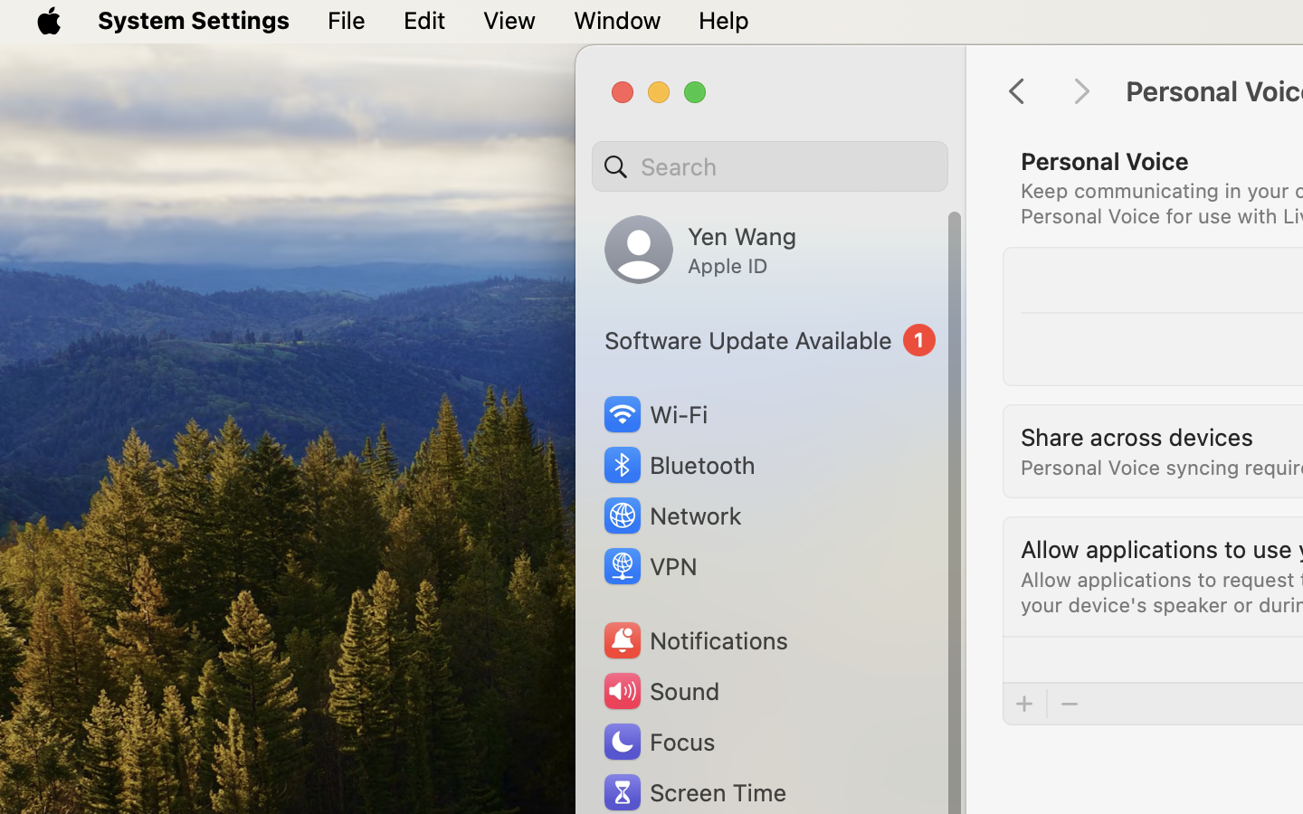 The image size is (1303, 814). What do you see at coordinates (657, 741) in the screenshot?
I see `'Focus'` at bounding box center [657, 741].